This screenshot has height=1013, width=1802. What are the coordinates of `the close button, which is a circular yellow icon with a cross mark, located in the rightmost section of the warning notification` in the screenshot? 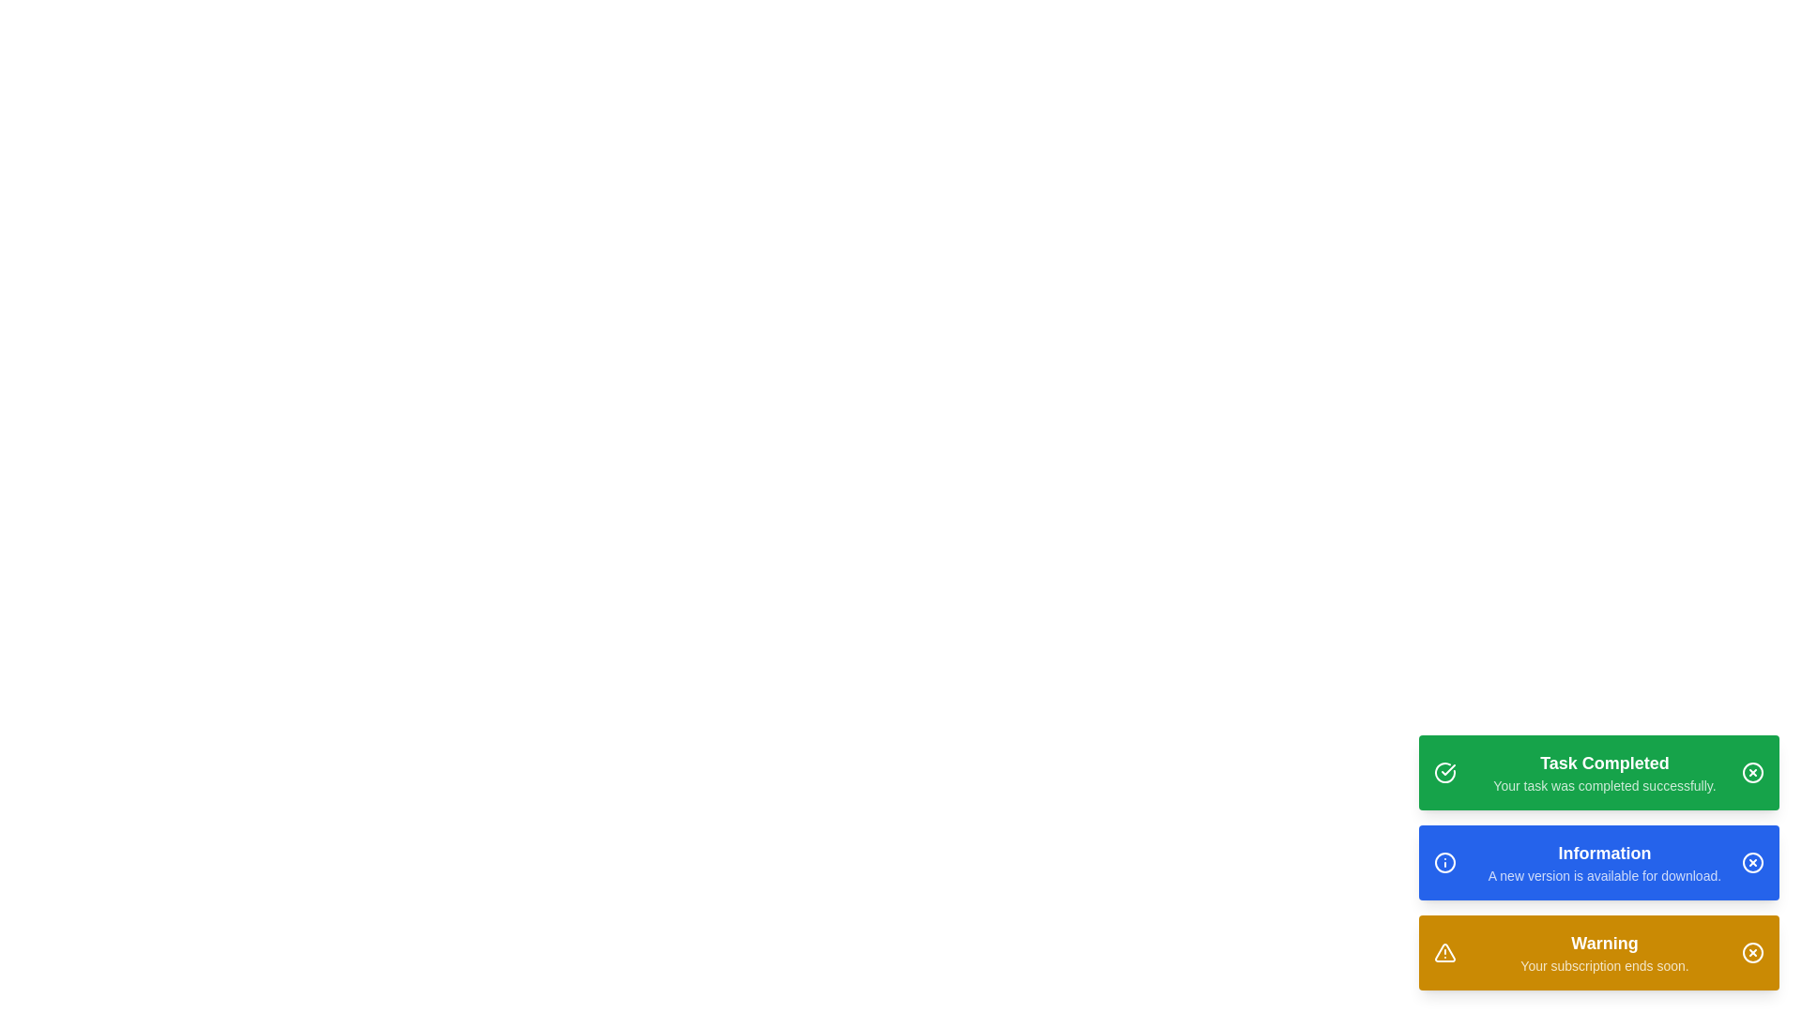 It's located at (1751, 952).